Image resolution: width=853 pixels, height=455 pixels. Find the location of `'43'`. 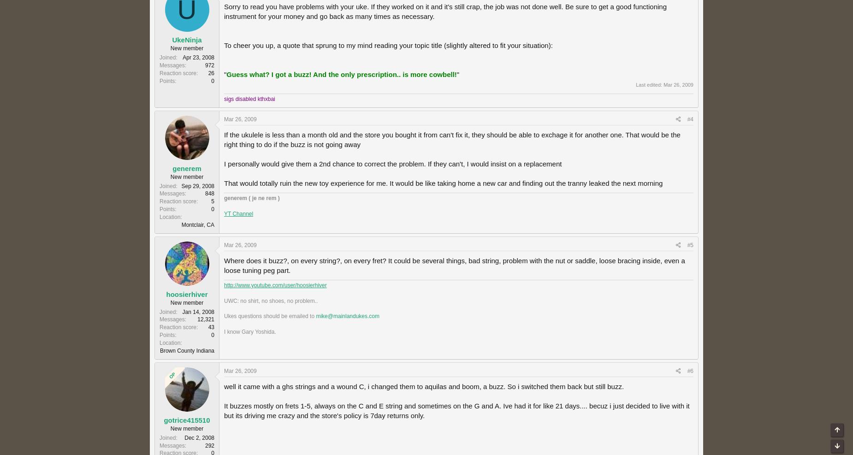

'43' is located at coordinates (211, 327).